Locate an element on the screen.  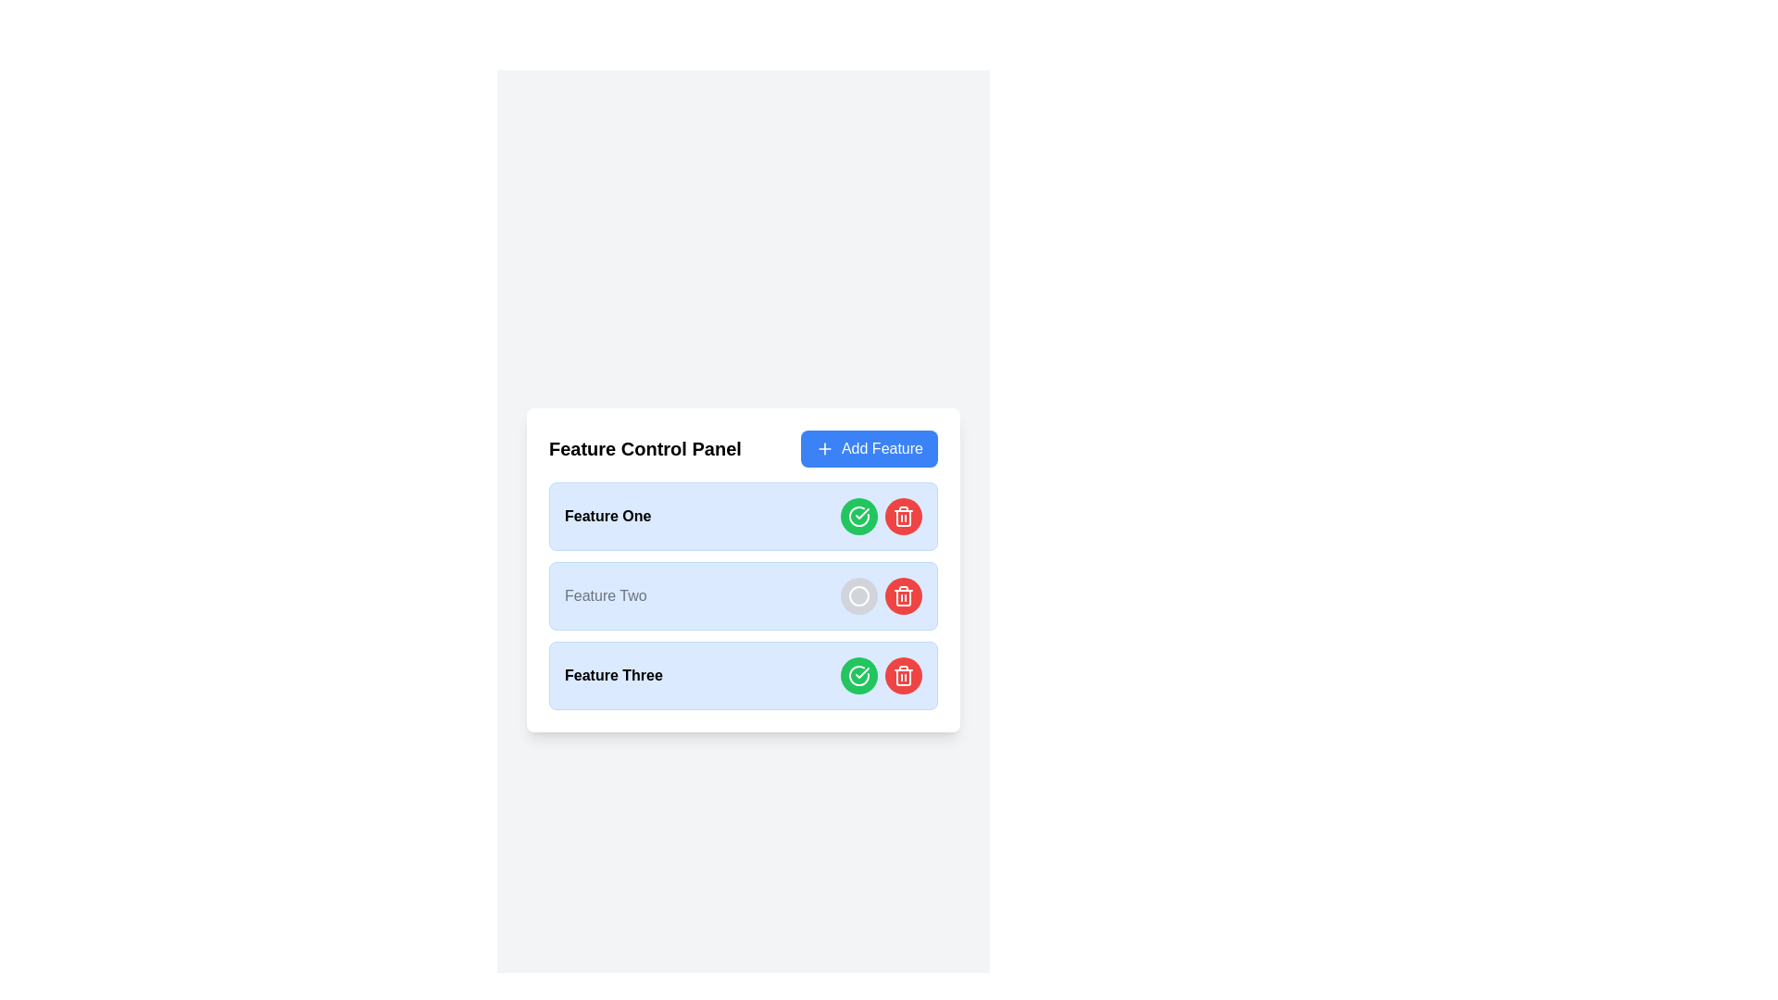
the trash can icon button with a red circular background located in the third row under the 'Feature Three' label is located at coordinates (903, 596).